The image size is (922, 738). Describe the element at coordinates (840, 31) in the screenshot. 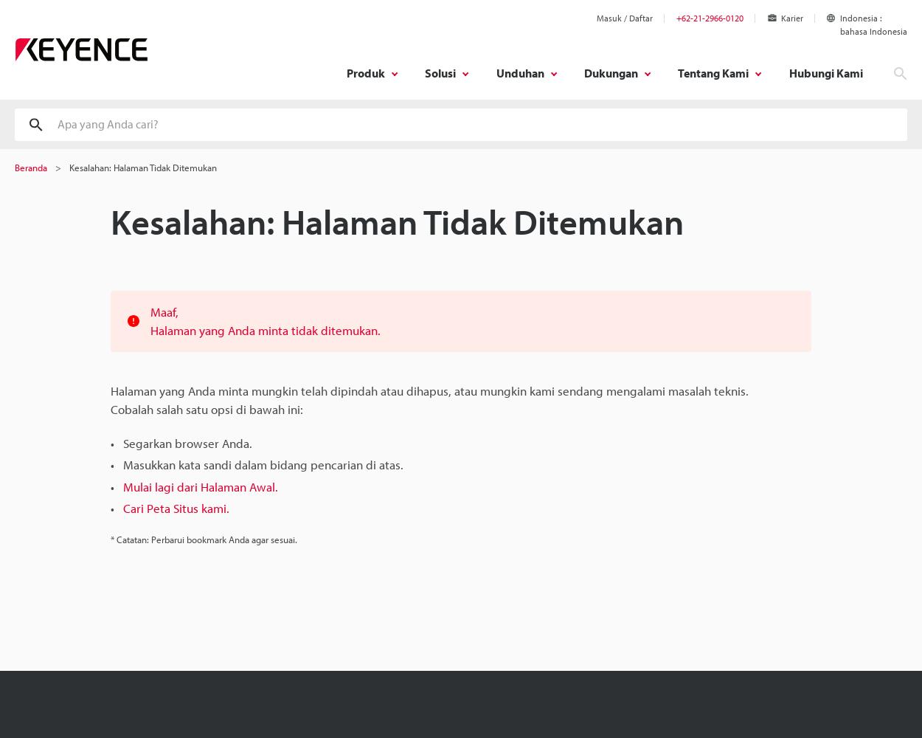

I see `'bahasa Indonesia'` at that location.